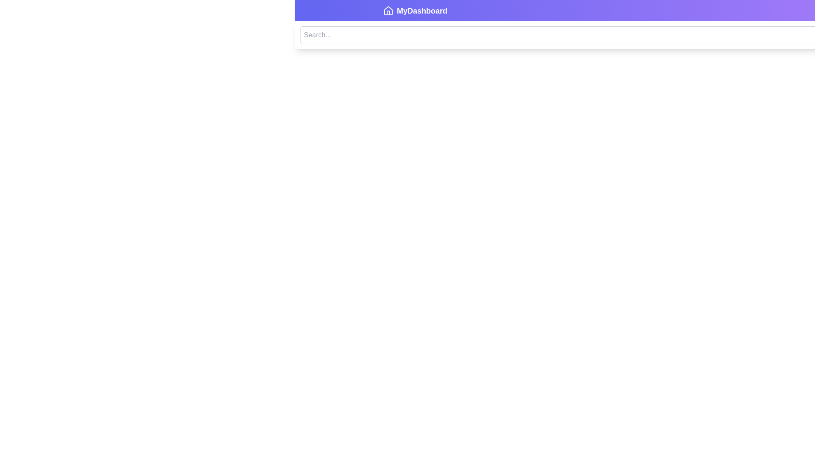 The height and width of the screenshot is (458, 815). I want to click on the 'Home' SVG graphic icon located, so click(388, 10).